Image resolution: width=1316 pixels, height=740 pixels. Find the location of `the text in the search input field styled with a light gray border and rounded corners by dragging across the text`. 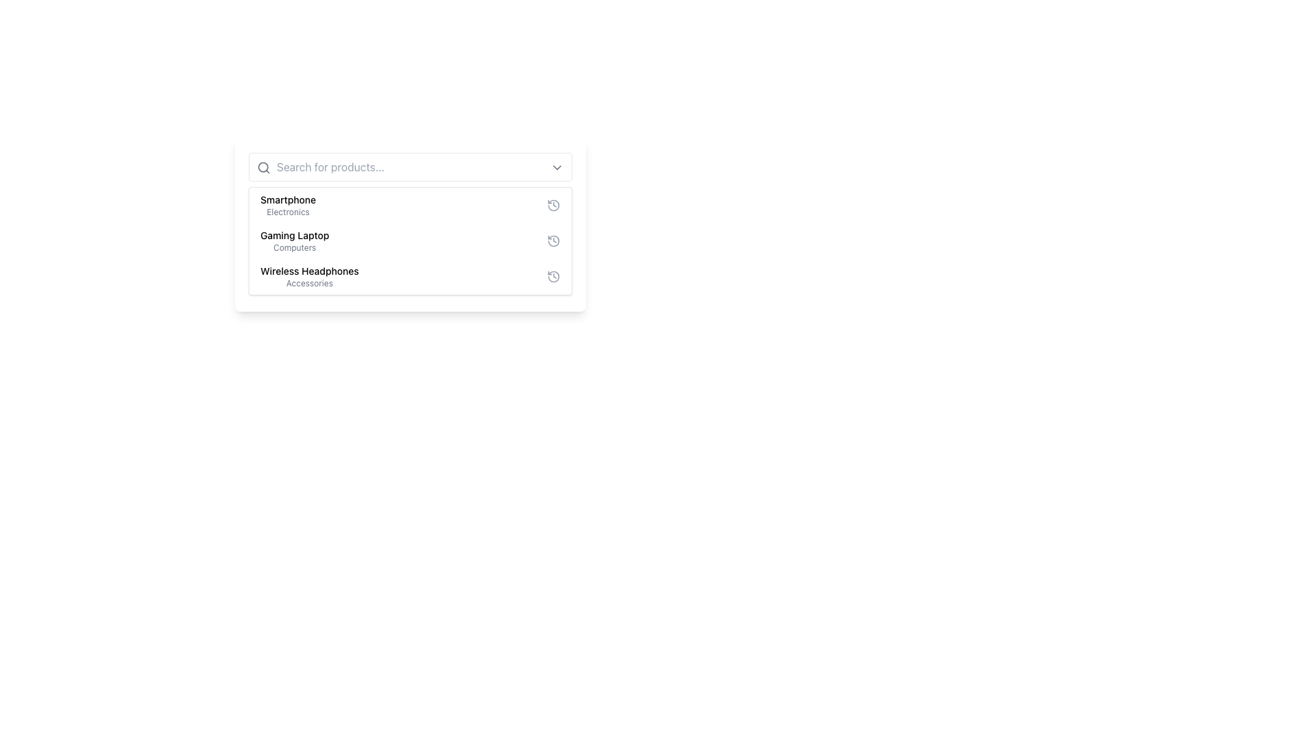

the text in the search input field styled with a light gray border and rounded corners by dragging across the text is located at coordinates (410, 166).